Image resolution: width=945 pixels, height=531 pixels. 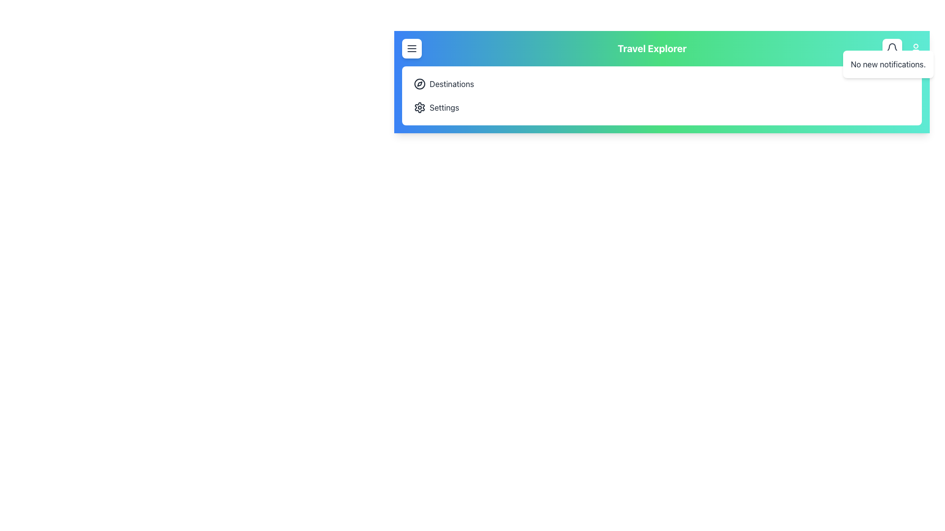 I want to click on the square button styled as a hamburger icon with a white background and rounded corners, located at the far left of the header bar, so click(x=411, y=49).